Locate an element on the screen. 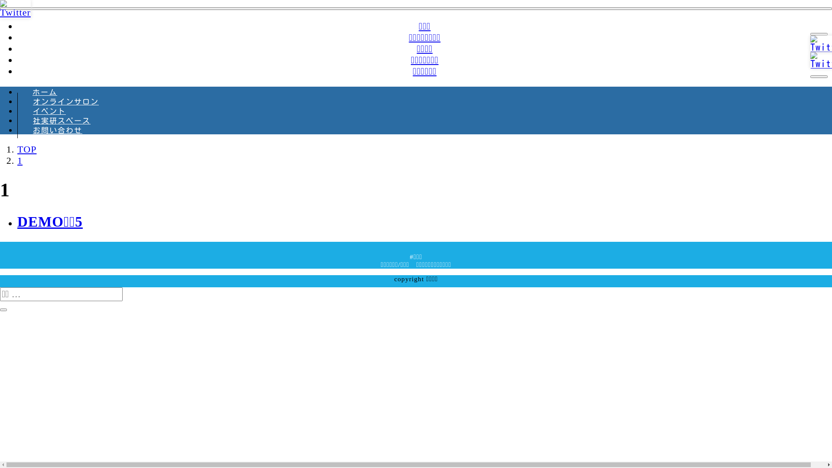 The width and height of the screenshot is (832, 468). 'TOP' is located at coordinates (17, 149).